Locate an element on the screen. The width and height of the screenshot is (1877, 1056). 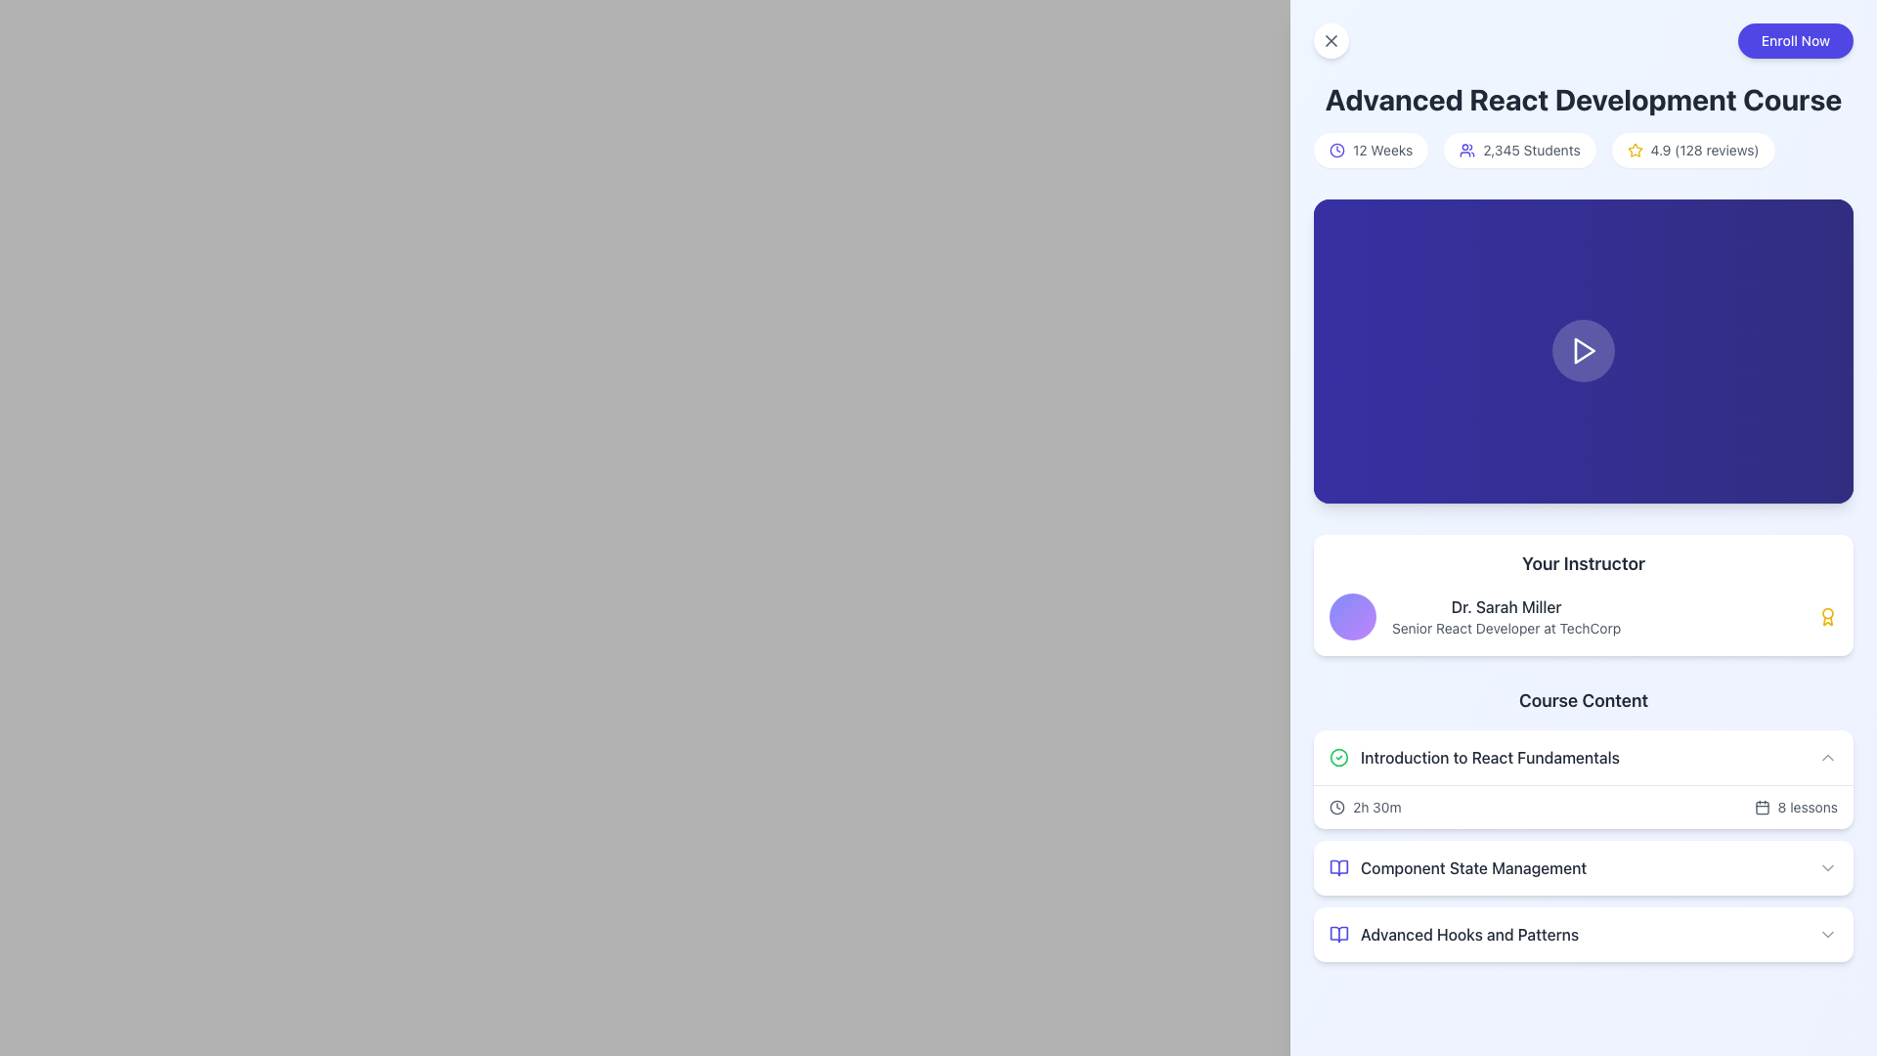
the yellow award icon located in the 'Your Instructor' panel, immediately following the text 'Dr. Sarah Miller Senior React Developer at TechCorp' is located at coordinates (1827, 614).